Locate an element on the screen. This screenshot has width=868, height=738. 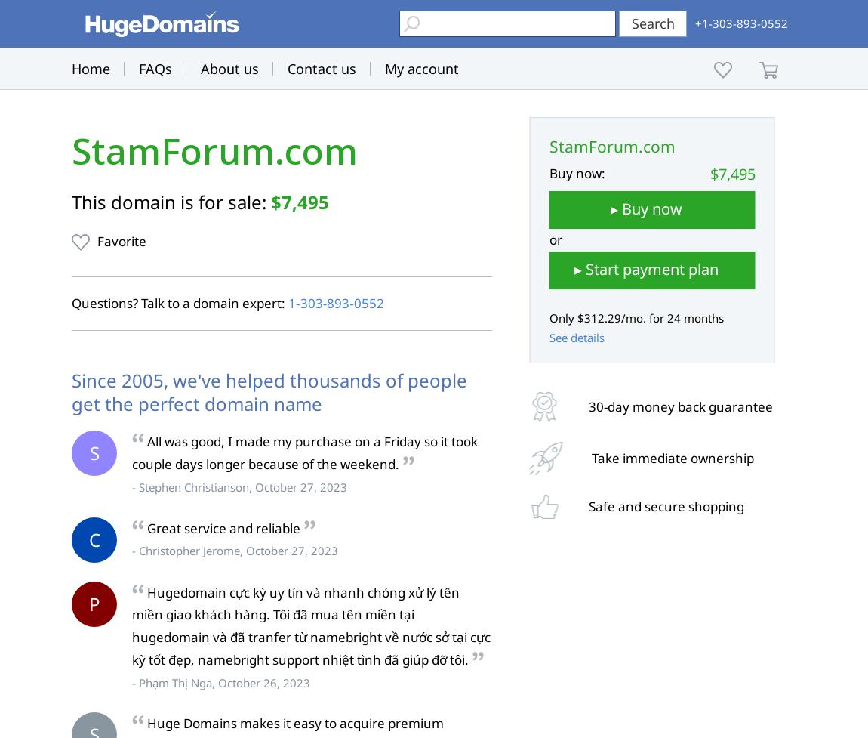
'+1-303-893-0552' is located at coordinates (695, 23).